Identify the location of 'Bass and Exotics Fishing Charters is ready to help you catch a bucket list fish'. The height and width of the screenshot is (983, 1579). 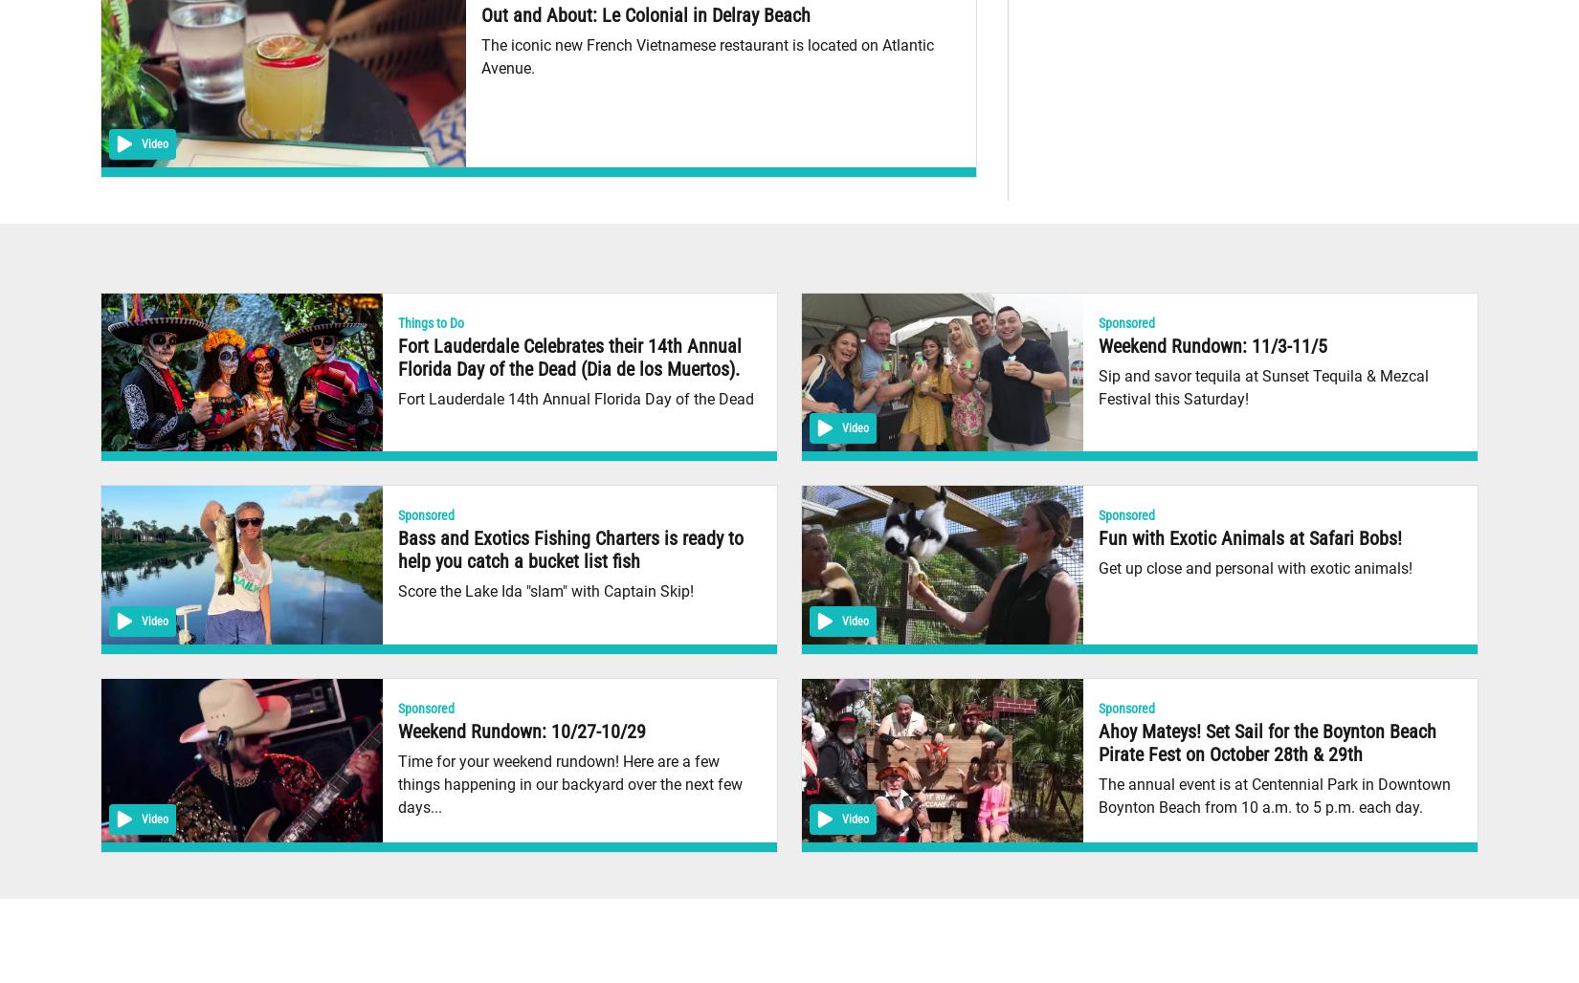
(396, 549).